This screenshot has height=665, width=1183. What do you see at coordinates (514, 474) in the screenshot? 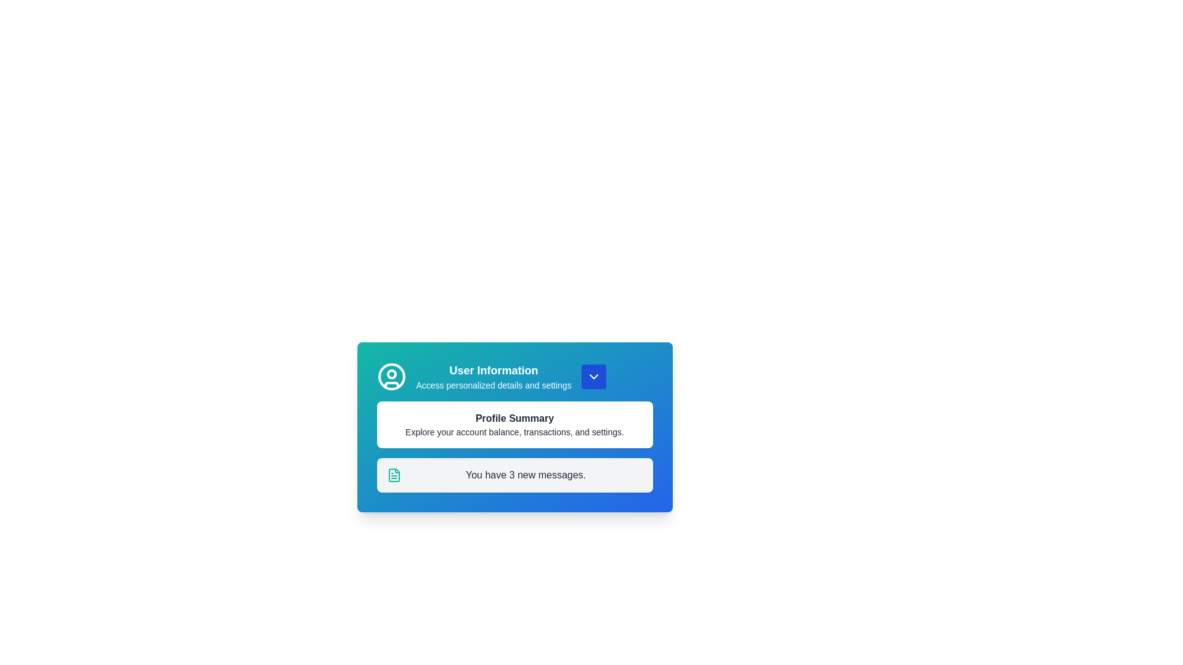
I see `the notification element that displays 'You have 3 new messages.' with a teal-colored document icon on the left` at bounding box center [514, 474].